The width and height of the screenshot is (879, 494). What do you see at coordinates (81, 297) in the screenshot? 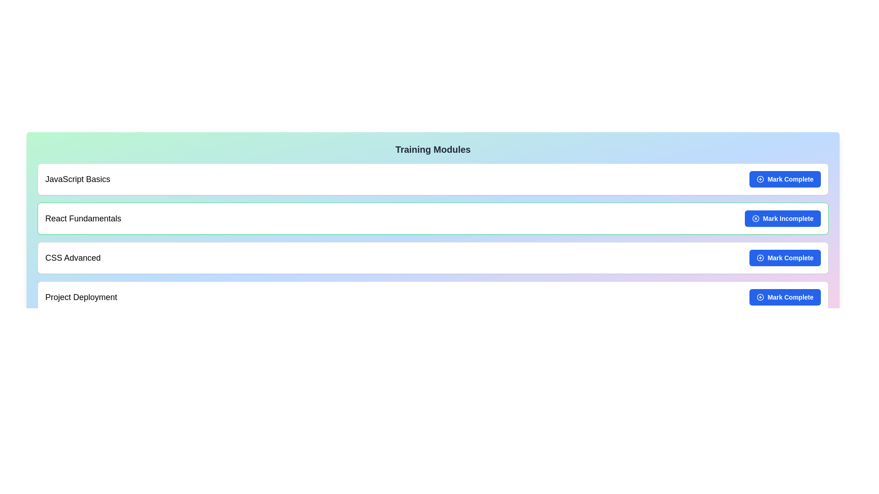
I see `the associated module` at bounding box center [81, 297].